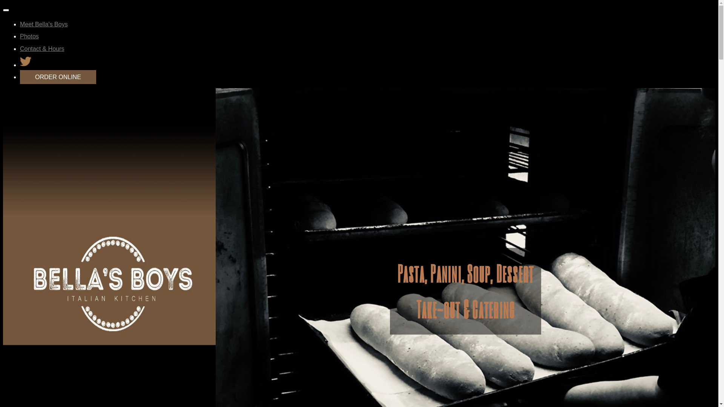 The height and width of the screenshot is (407, 724). Describe the element at coordinates (29, 36) in the screenshot. I see `'Photos'` at that location.